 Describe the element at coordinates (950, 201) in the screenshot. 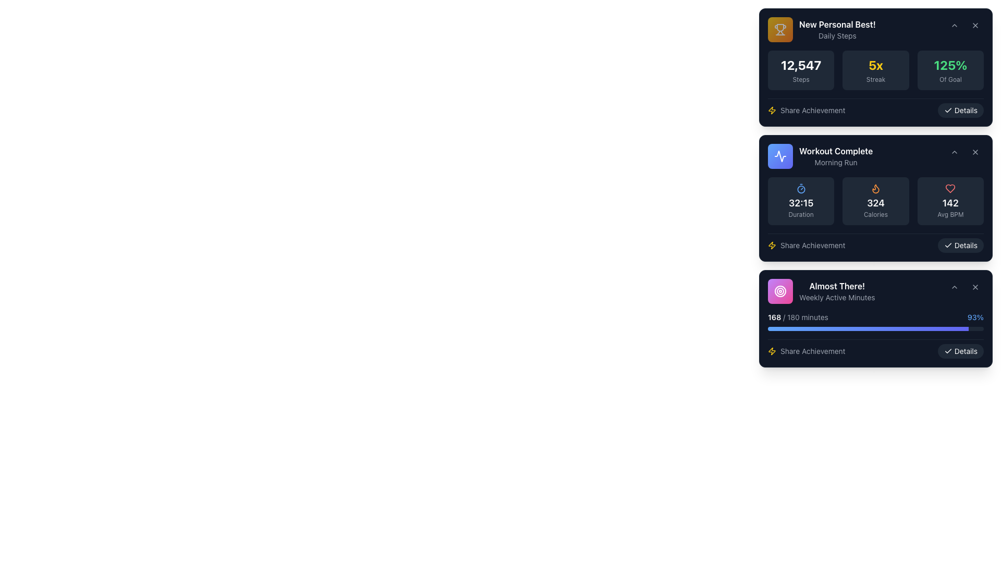

I see `the informational card displaying average beats per minute (BPM) that is positioned in the middle section of the page, to the right of the 'Duration' and 'Calories' cards` at that location.